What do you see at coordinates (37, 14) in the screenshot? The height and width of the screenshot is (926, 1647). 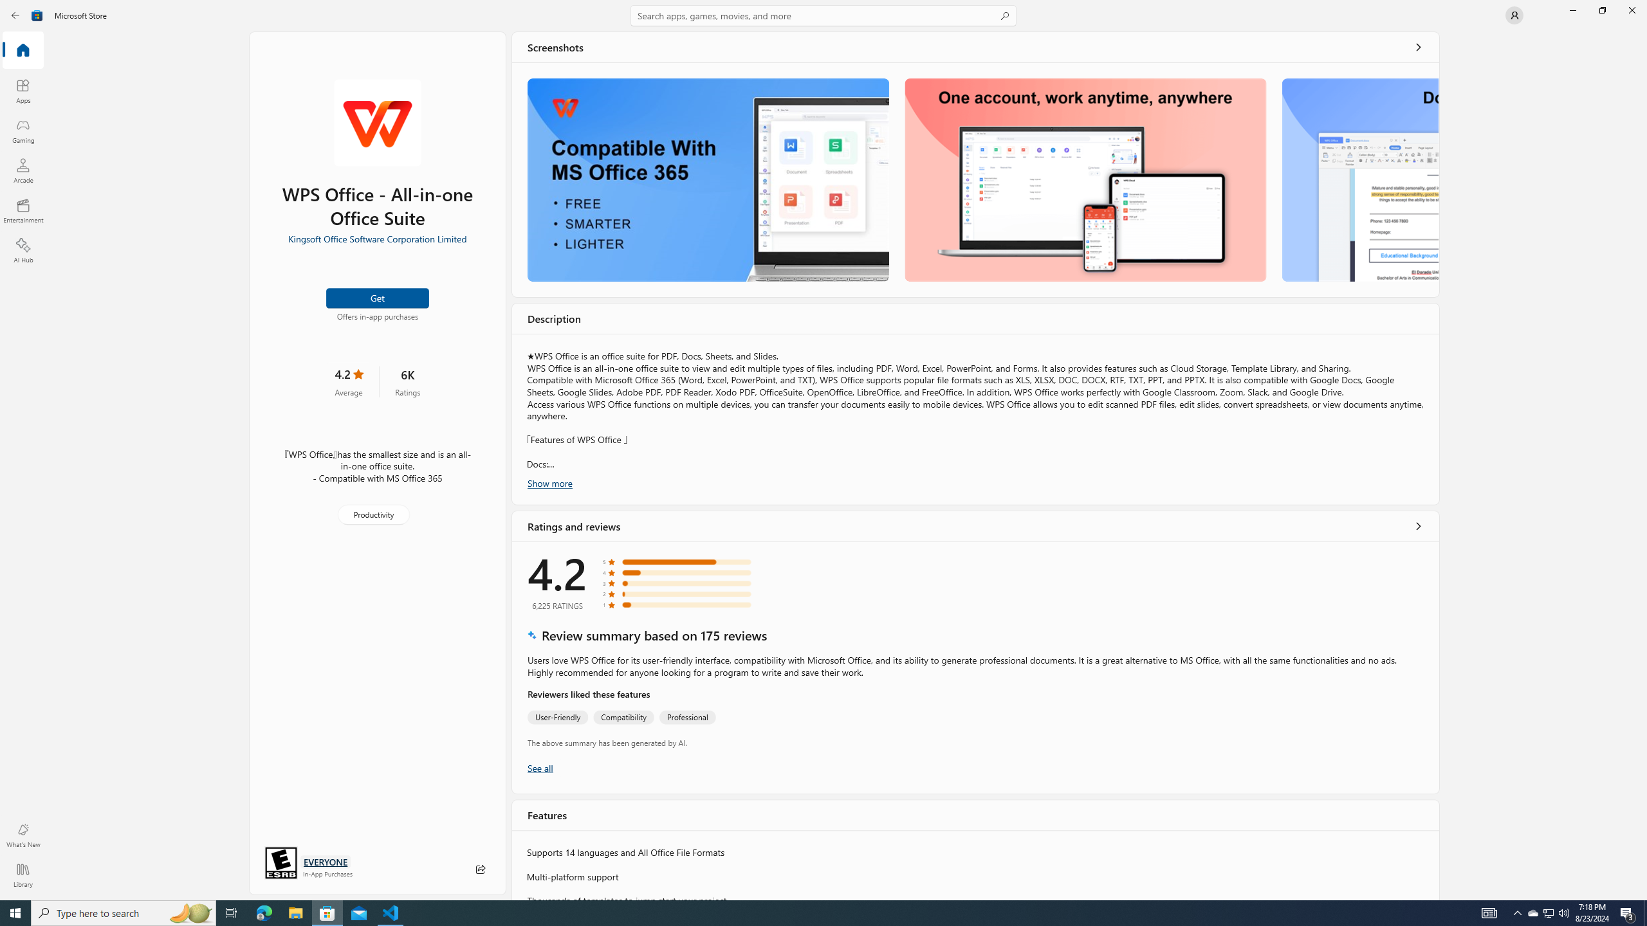 I see `'Class: Image'` at bounding box center [37, 14].